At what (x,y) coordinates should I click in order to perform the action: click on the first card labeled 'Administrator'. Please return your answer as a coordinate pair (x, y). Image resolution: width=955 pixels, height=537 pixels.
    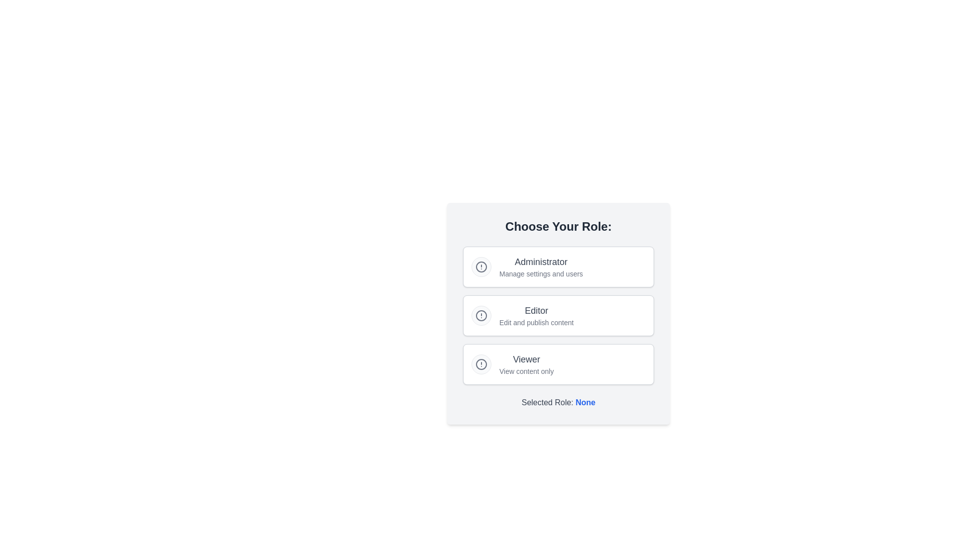
    Looking at the image, I should click on (559, 266).